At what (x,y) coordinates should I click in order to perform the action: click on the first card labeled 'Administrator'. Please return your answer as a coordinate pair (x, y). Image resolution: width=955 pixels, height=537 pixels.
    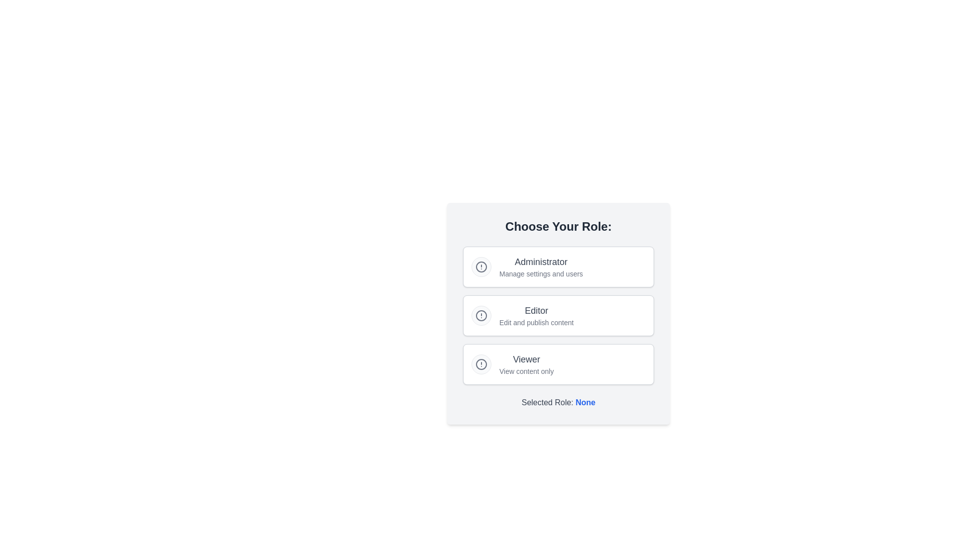
    Looking at the image, I should click on (559, 266).